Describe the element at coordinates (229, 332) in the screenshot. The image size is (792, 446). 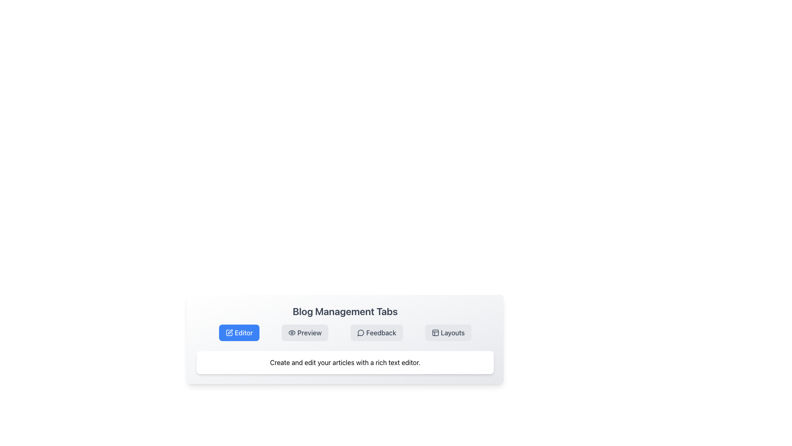
I see `the graphical icon component resembling a square or box within the 'Editor' tab of the interface` at that location.